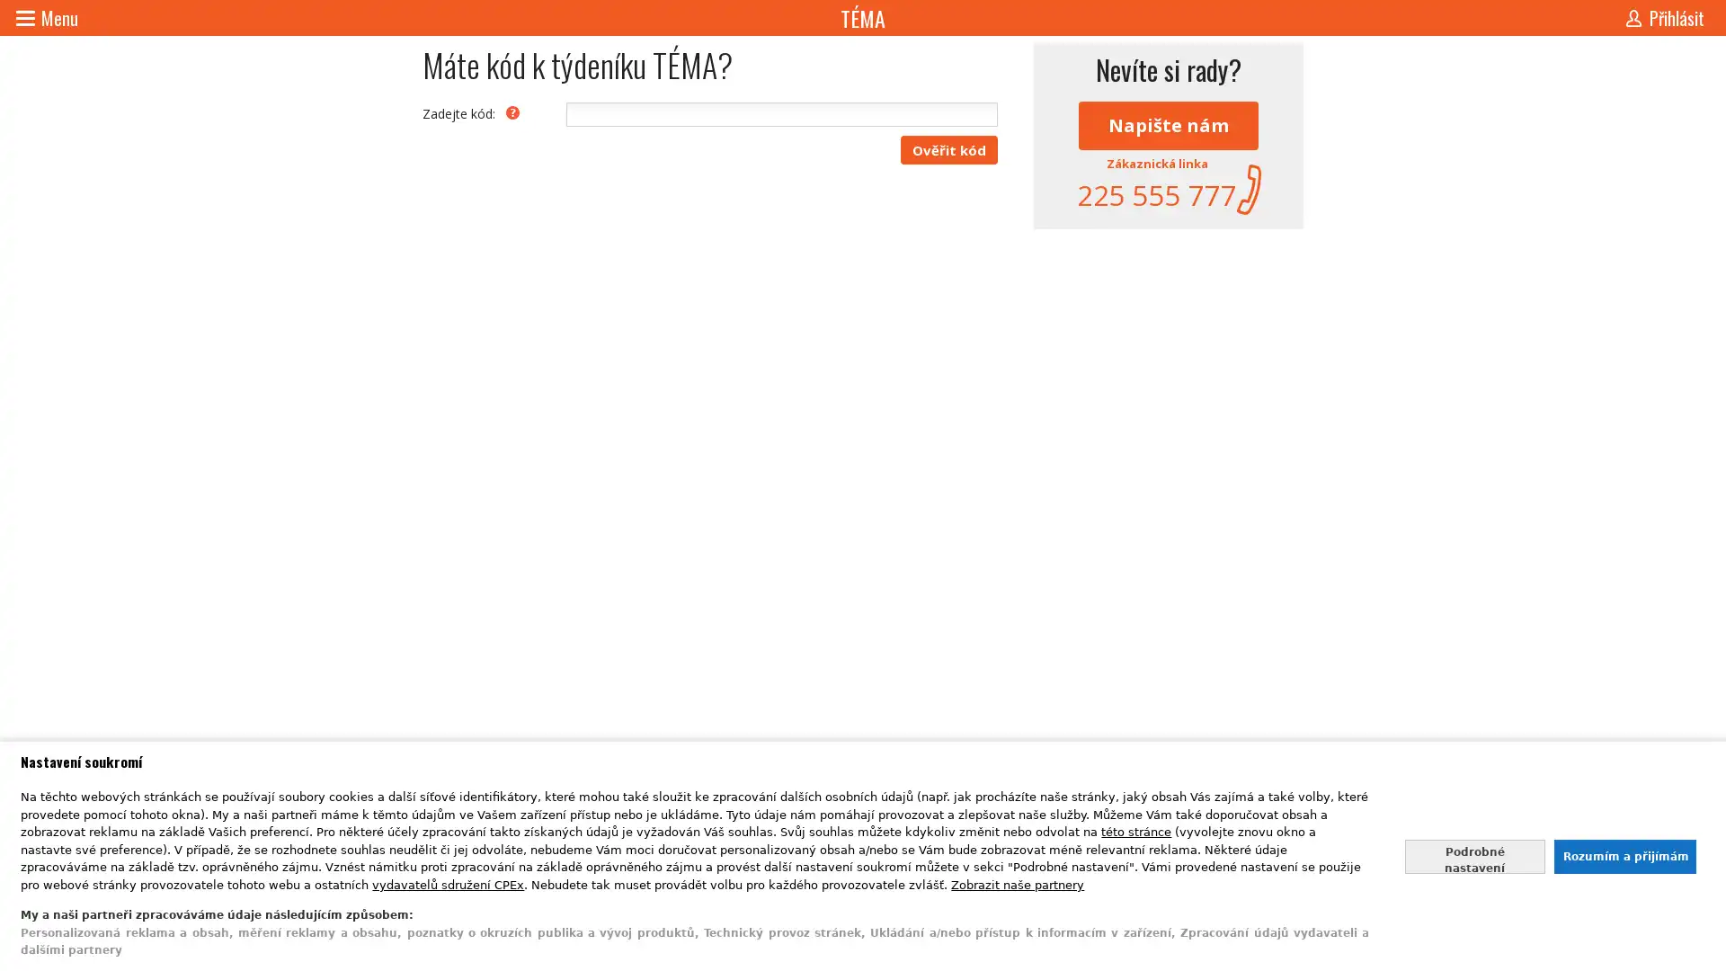 Image resolution: width=1726 pixels, height=971 pixels. What do you see at coordinates (1474, 855) in the screenshot?
I see `Nastavte sve souhlasy` at bounding box center [1474, 855].